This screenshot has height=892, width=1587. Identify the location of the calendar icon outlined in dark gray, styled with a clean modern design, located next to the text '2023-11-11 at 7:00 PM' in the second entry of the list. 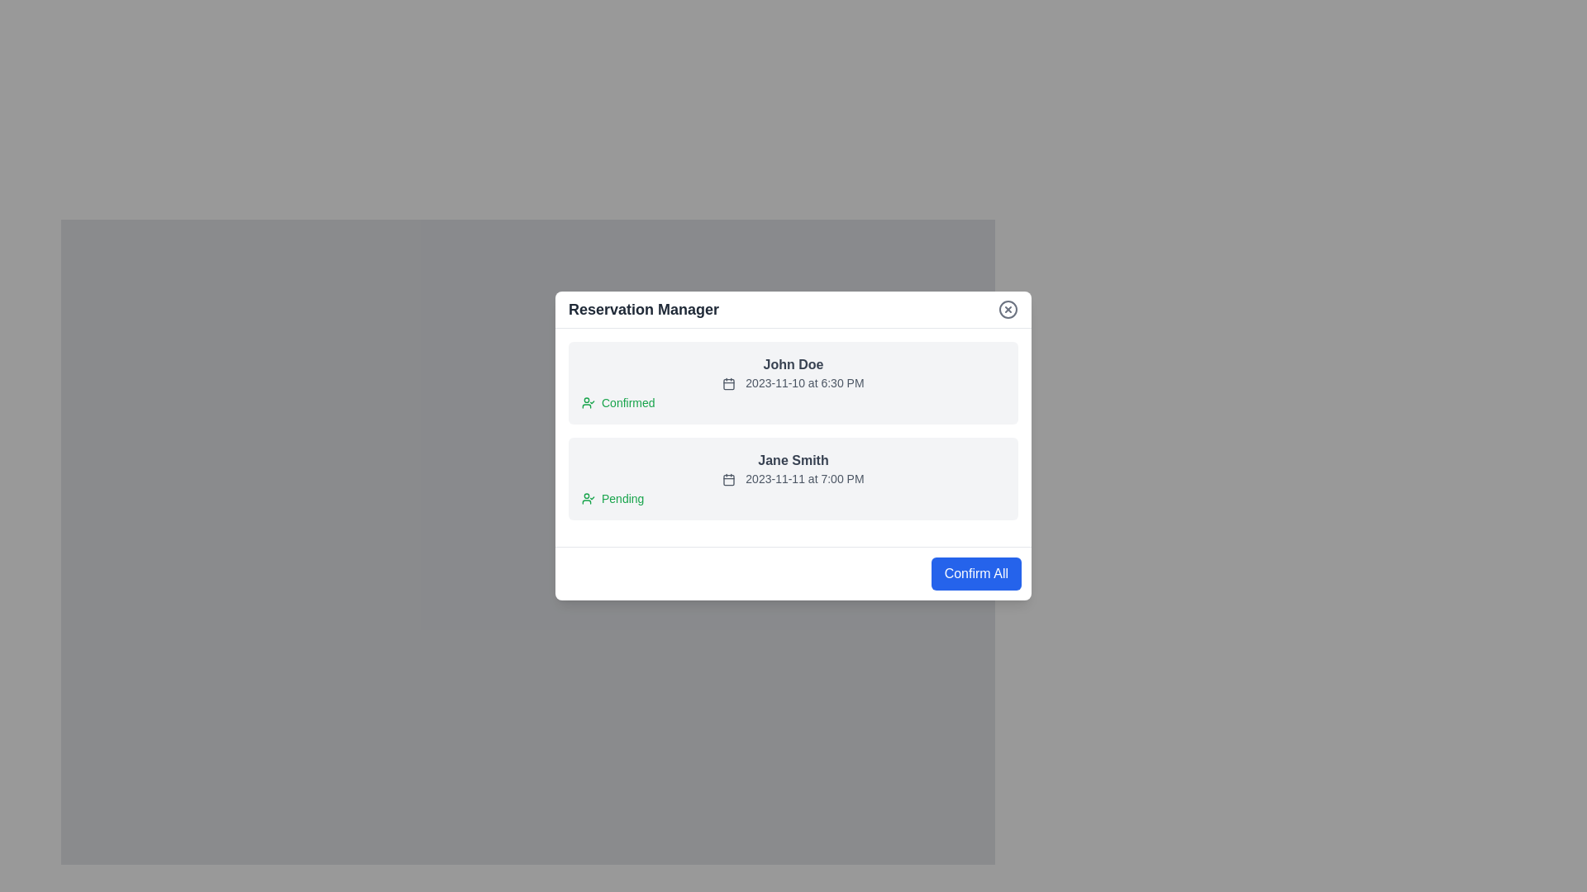
(728, 480).